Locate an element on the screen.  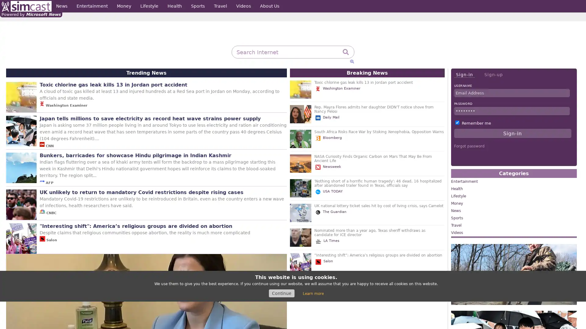
Sign-in is located at coordinates (512, 133).